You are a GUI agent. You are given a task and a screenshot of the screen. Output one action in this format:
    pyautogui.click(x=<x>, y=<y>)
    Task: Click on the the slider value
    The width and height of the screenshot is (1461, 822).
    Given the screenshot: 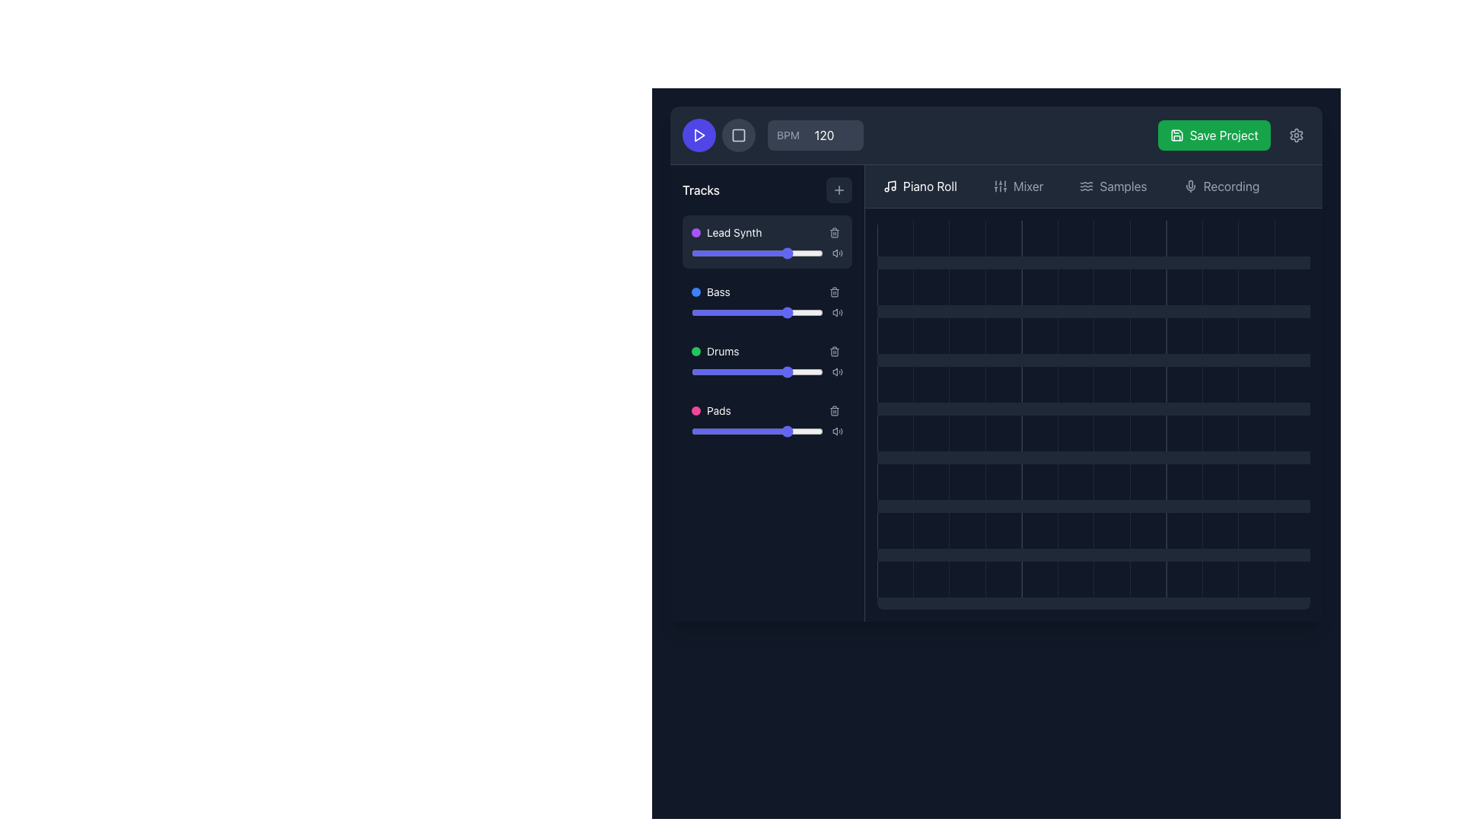 What is the action you would take?
    pyautogui.click(x=775, y=372)
    